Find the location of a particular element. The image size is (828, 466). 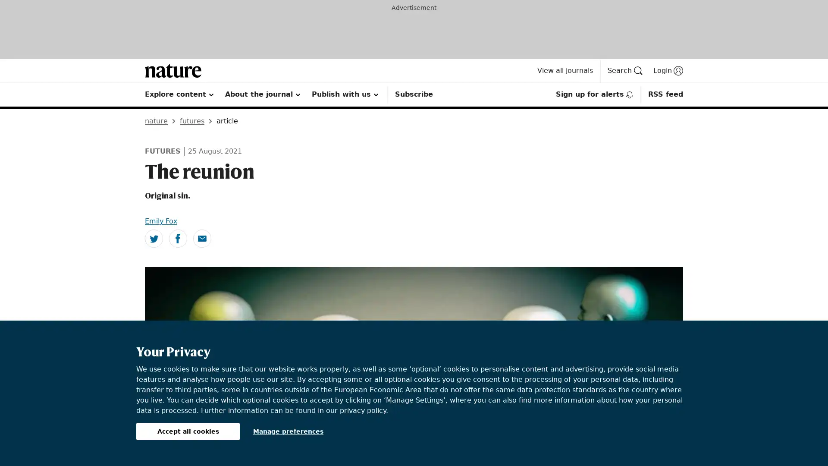

Manage preferences is located at coordinates (288, 431).